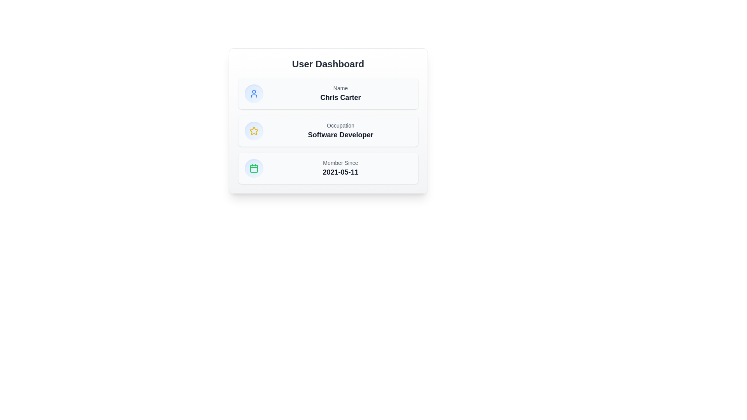 This screenshot has width=747, height=420. I want to click on the star icon located in the 'Occupation' section of the user dashboard, which is associated with the text 'Software Developer.', so click(254, 130).